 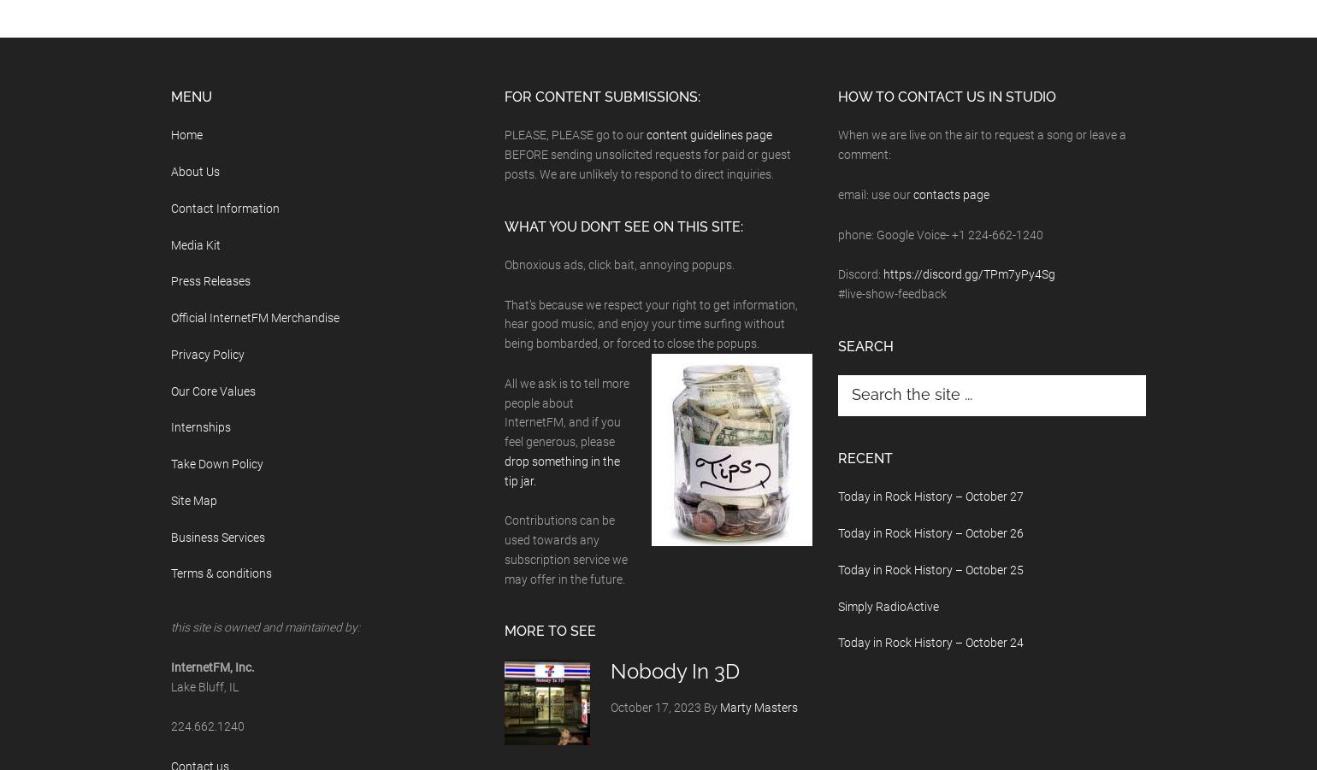 I want to click on 'https://discord.gg/TPm7yPy4Sg', so click(x=969, y=274).